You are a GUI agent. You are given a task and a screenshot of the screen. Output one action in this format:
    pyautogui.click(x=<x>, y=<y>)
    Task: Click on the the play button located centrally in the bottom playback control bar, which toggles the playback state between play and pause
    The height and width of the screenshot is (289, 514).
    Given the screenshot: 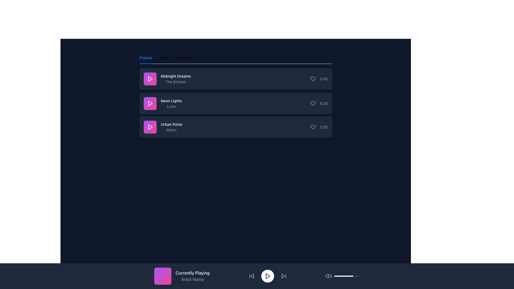 What is the action you would take?
    pyautogui.click(x=267, y=276)
    